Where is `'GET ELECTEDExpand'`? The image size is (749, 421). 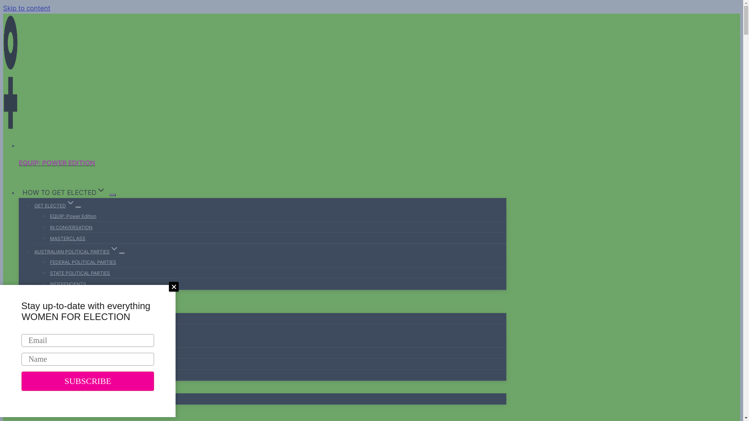
'GET ELECTEDExpand' is located at coordinates (54, 205).